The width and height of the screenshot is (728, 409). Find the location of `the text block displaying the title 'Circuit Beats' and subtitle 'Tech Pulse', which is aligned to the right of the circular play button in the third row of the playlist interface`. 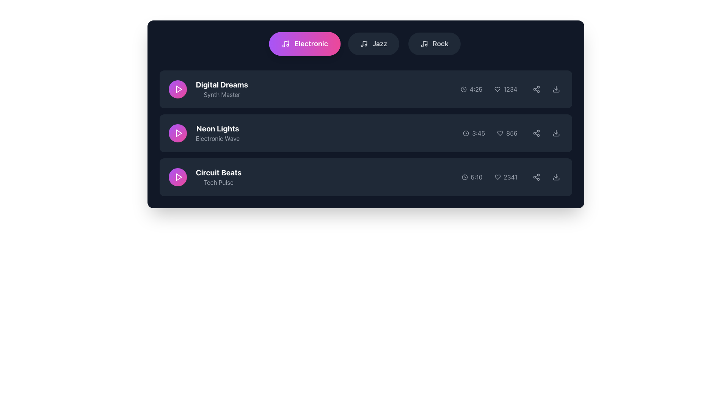

the text block displaying the title 'Circuit Beats' and subtitle 'Tech Pulse', which is aligned to the right of the circular play button in the third row of the playlist interface is located at coordinates (205, 177).